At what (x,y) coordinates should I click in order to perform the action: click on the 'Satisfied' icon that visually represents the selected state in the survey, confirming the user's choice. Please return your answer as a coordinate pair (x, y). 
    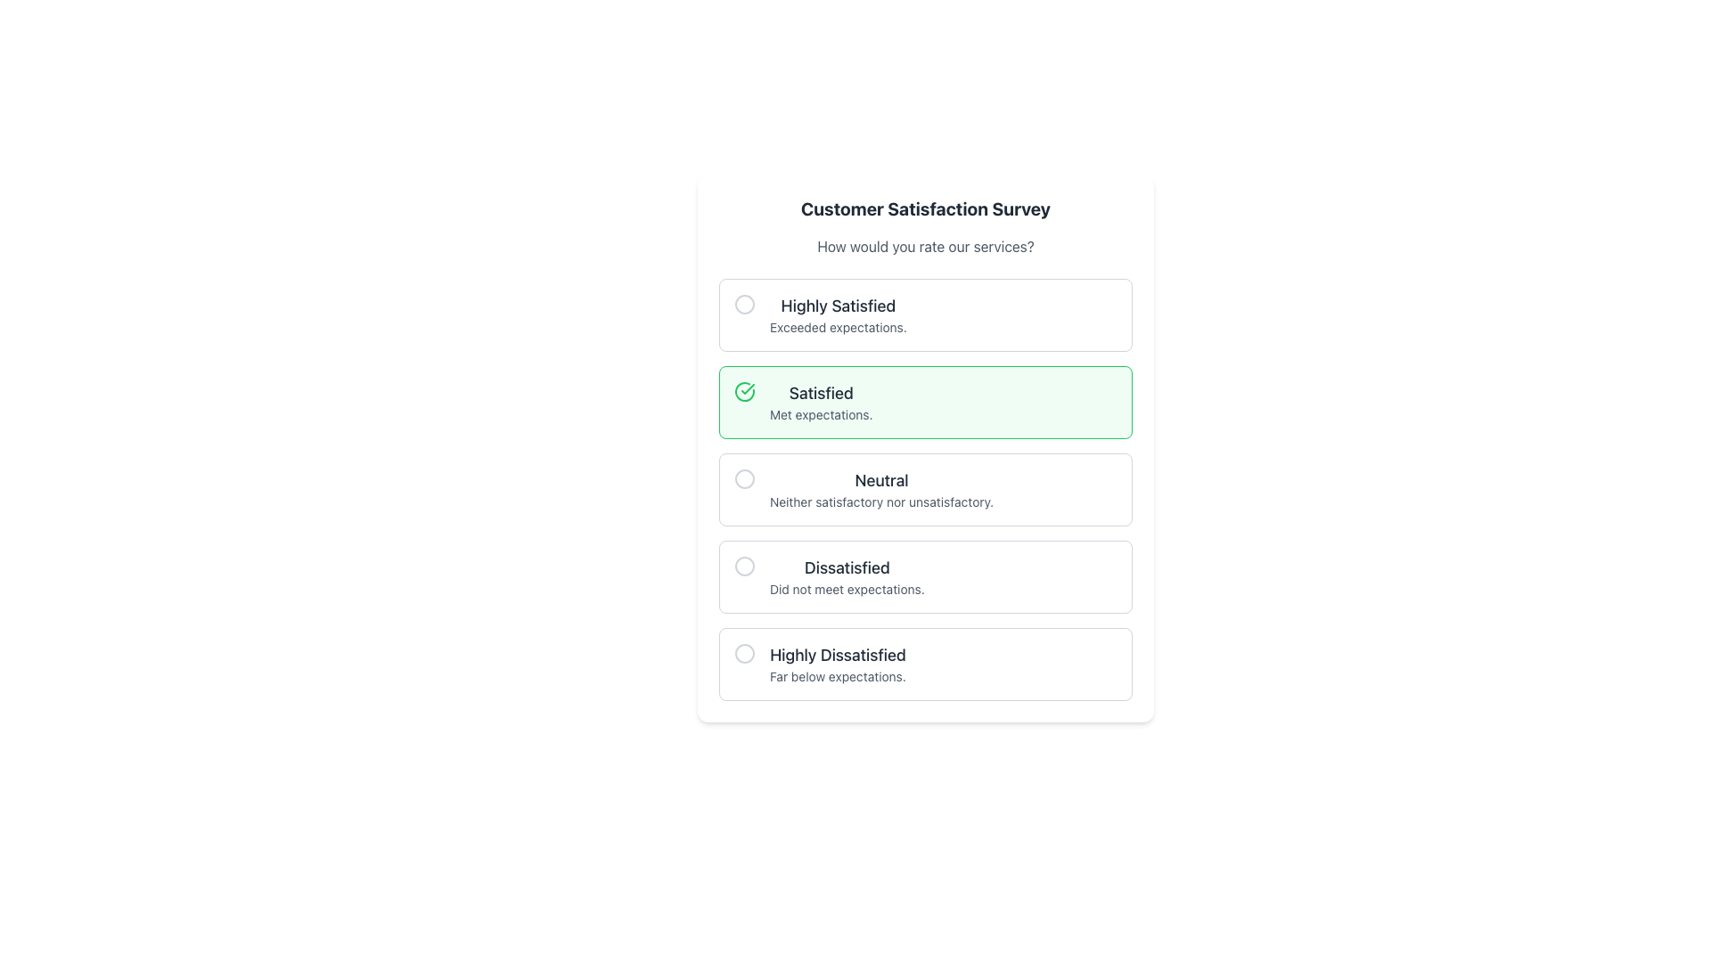
    Looking at the image, I should click on (744, 390).